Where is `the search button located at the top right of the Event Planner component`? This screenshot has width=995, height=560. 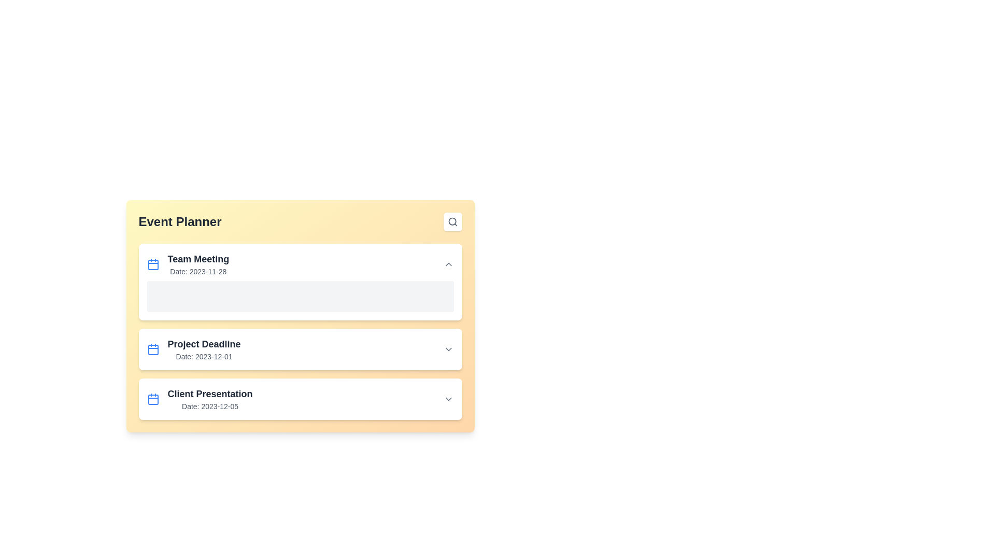
the search button located at the top right of the Event Planner component is located at coordinates (452, 221).